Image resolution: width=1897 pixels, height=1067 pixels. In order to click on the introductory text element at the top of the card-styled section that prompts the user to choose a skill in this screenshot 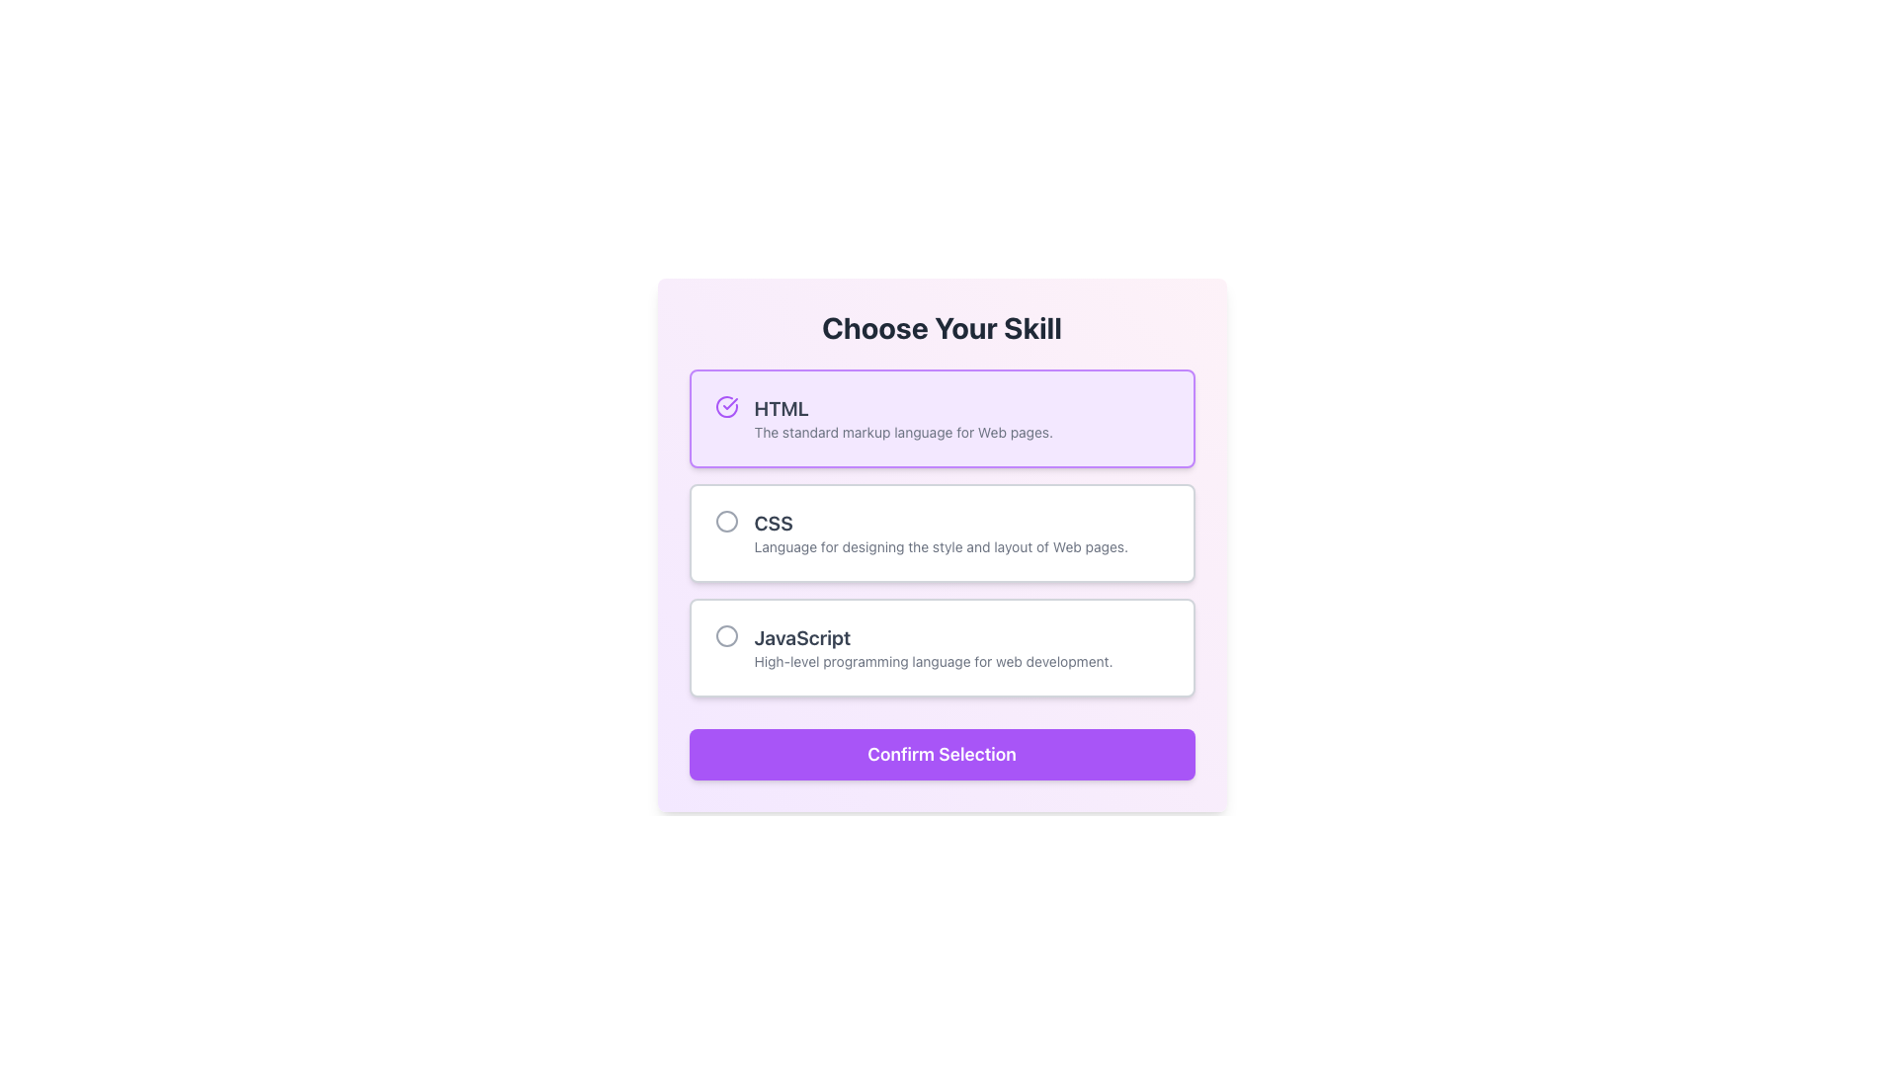, I will do `click(941, 326)`.